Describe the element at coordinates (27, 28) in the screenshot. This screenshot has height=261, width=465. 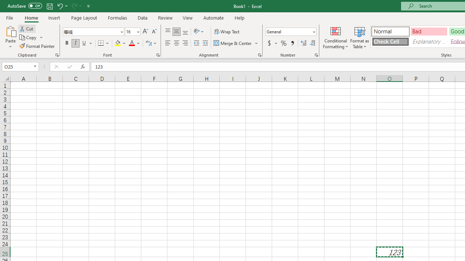
I see `'Cut'` at that location.